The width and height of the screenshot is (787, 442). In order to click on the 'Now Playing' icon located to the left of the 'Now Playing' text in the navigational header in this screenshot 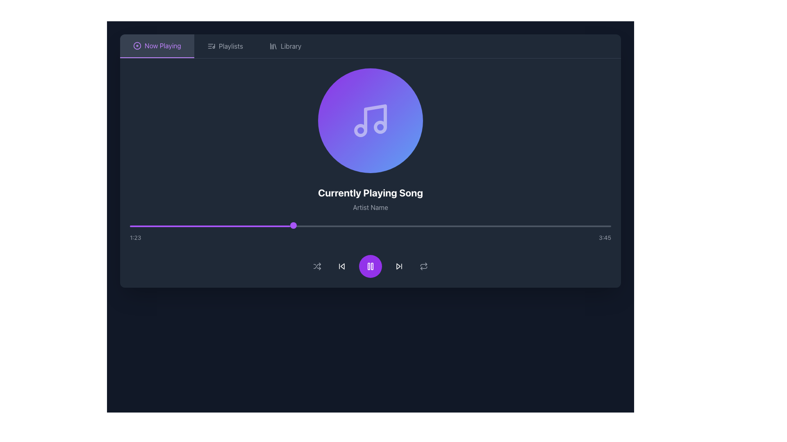, I will do `click(137, 45)`.